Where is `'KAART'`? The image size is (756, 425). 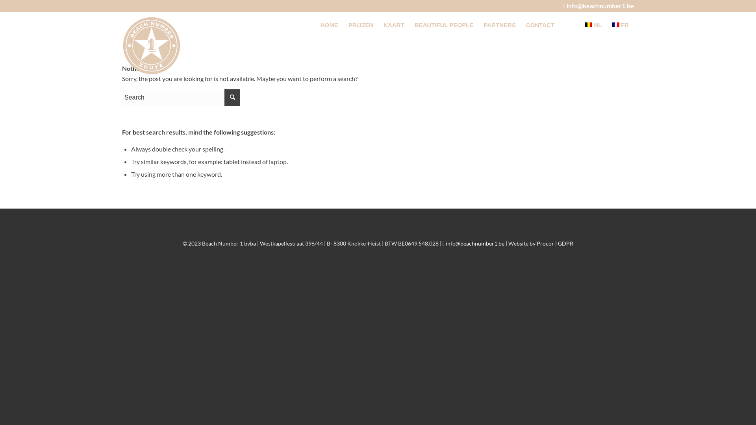 'KAART' is located at coordinates (394, 24).